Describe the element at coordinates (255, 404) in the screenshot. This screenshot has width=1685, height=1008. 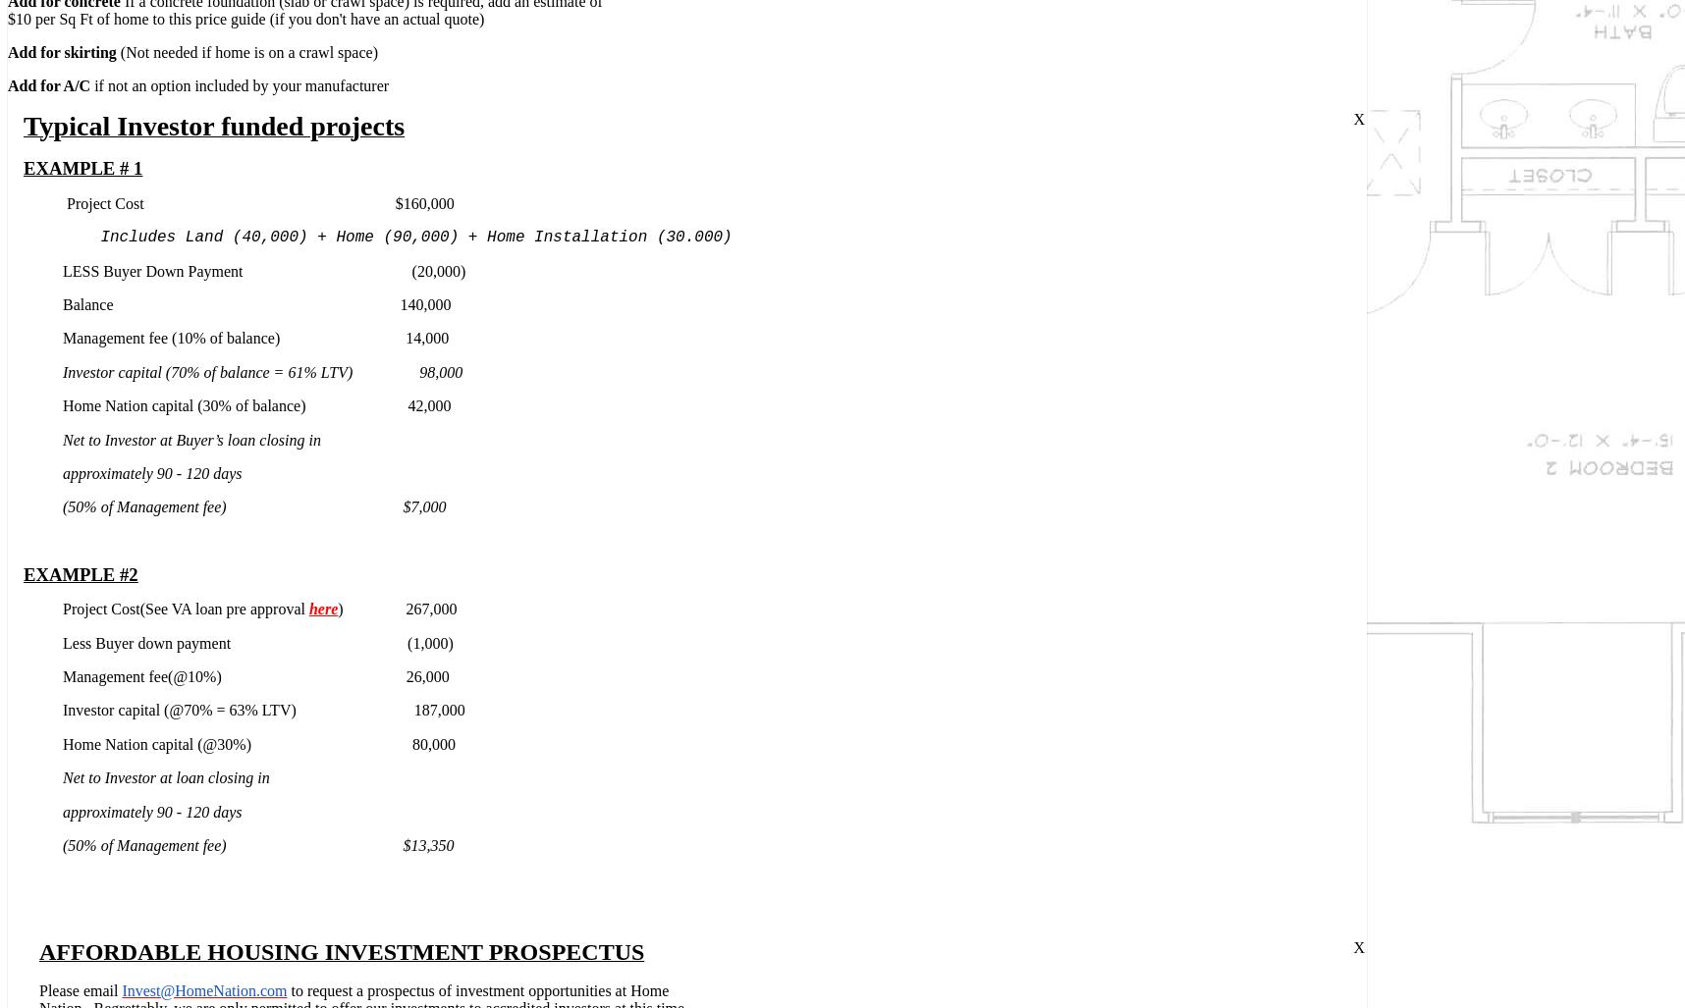
I see `'Home Nation capital (30% of balance)                          42,000'` at that location.